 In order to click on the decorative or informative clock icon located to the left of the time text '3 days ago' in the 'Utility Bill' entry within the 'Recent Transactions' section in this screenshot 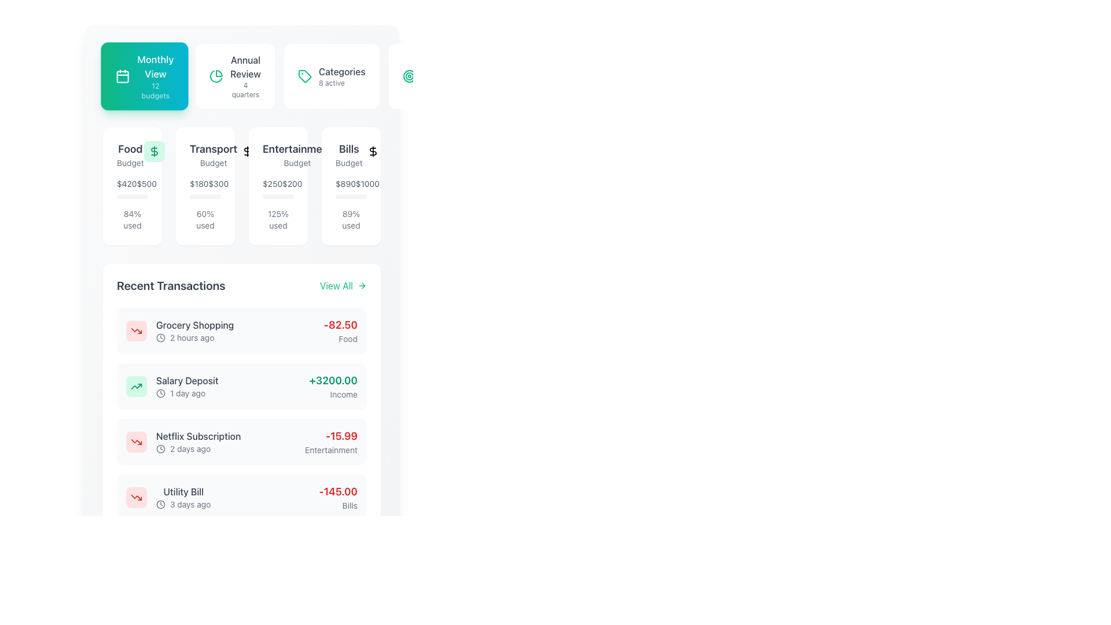, I will do `click(160, 503)`.